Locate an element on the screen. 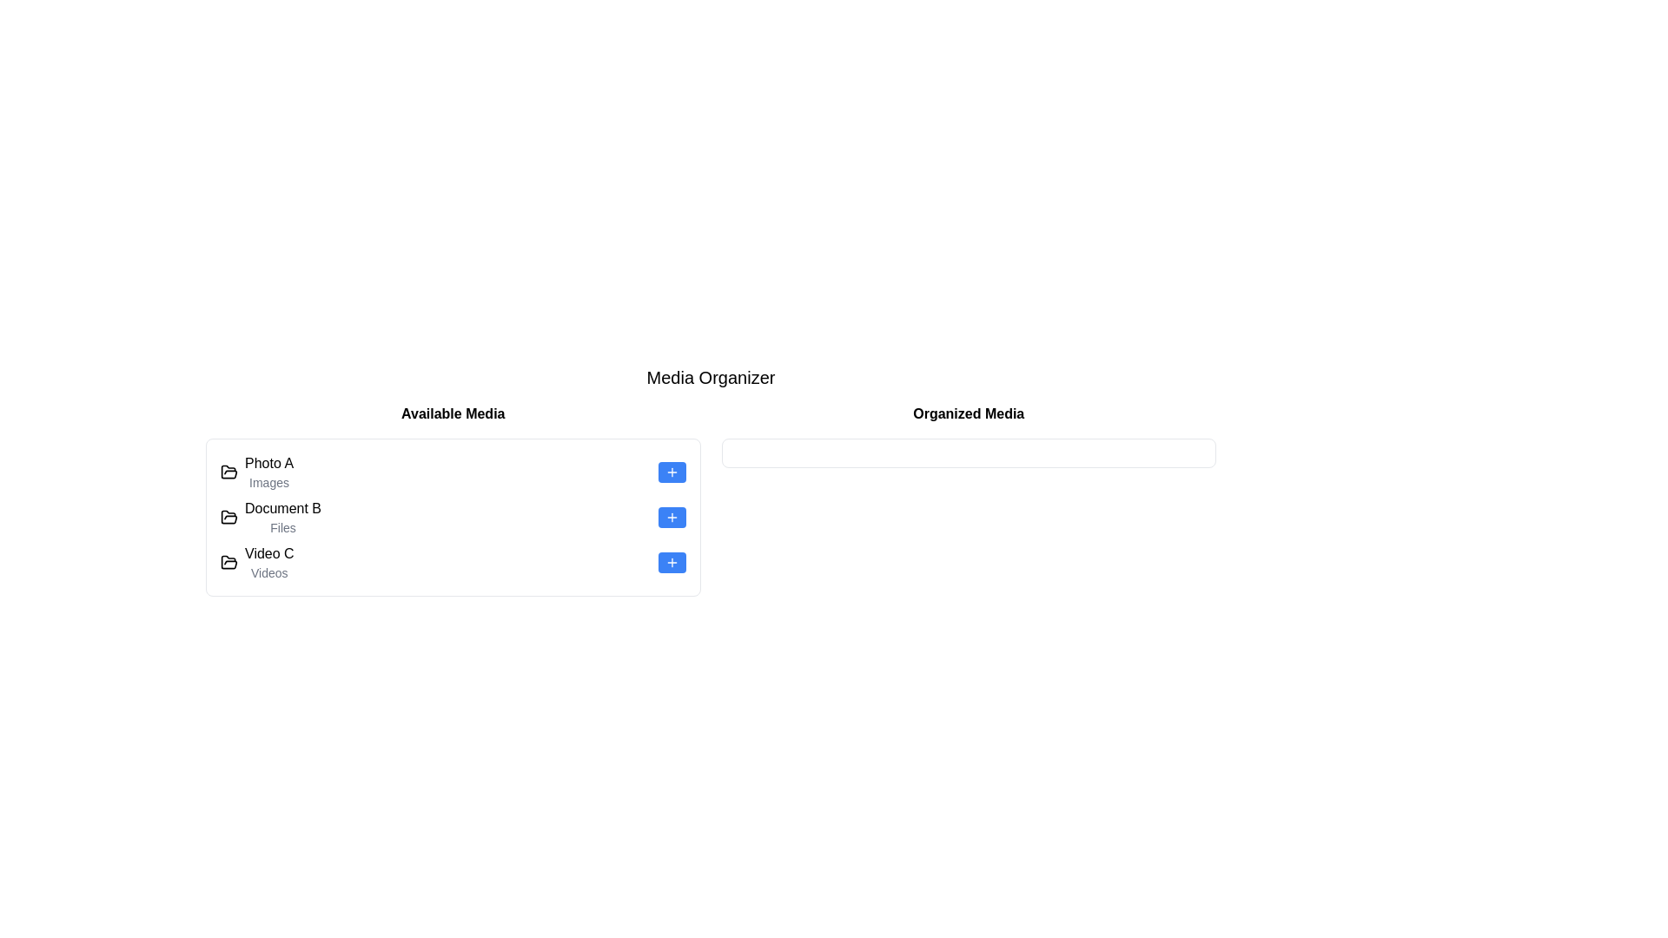  the non-interactive text label identifying the media item as 'Document B', located in the second row under the 'Available Media' column is located at coordinates (283, 508).